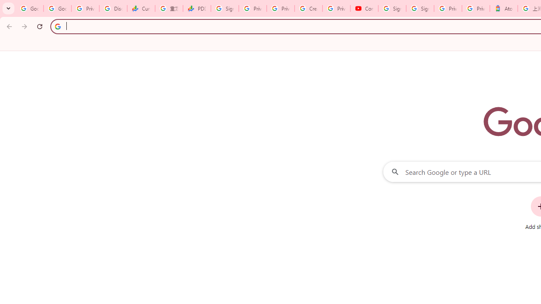  What do you see at coordinates (392, 8) in the screenshot?
I see `'Sign in - Google Accounts'` at bounding box center [392, 8].